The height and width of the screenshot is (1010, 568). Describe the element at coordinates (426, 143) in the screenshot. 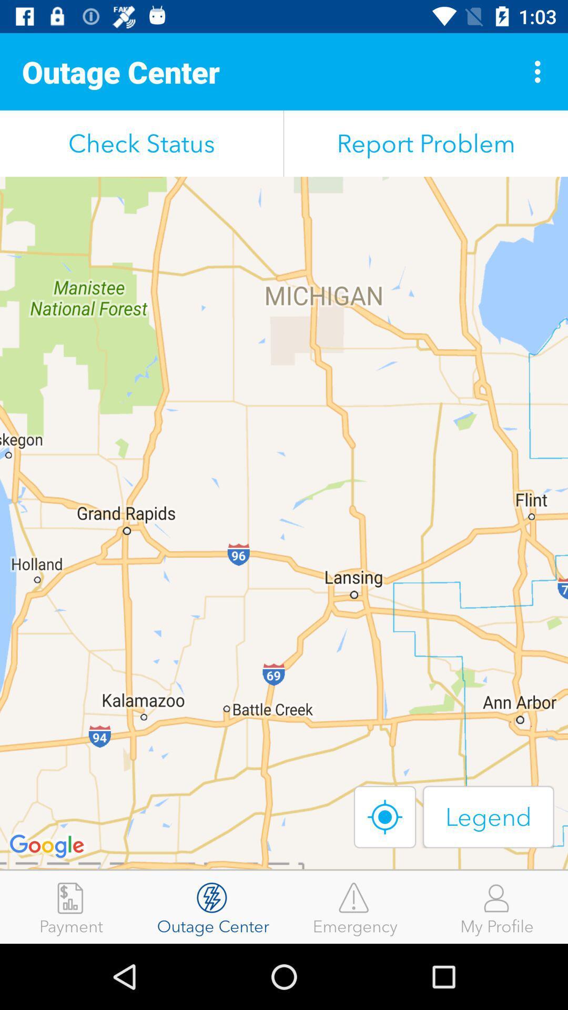

I see `the icon to the right of the check status` at that location.